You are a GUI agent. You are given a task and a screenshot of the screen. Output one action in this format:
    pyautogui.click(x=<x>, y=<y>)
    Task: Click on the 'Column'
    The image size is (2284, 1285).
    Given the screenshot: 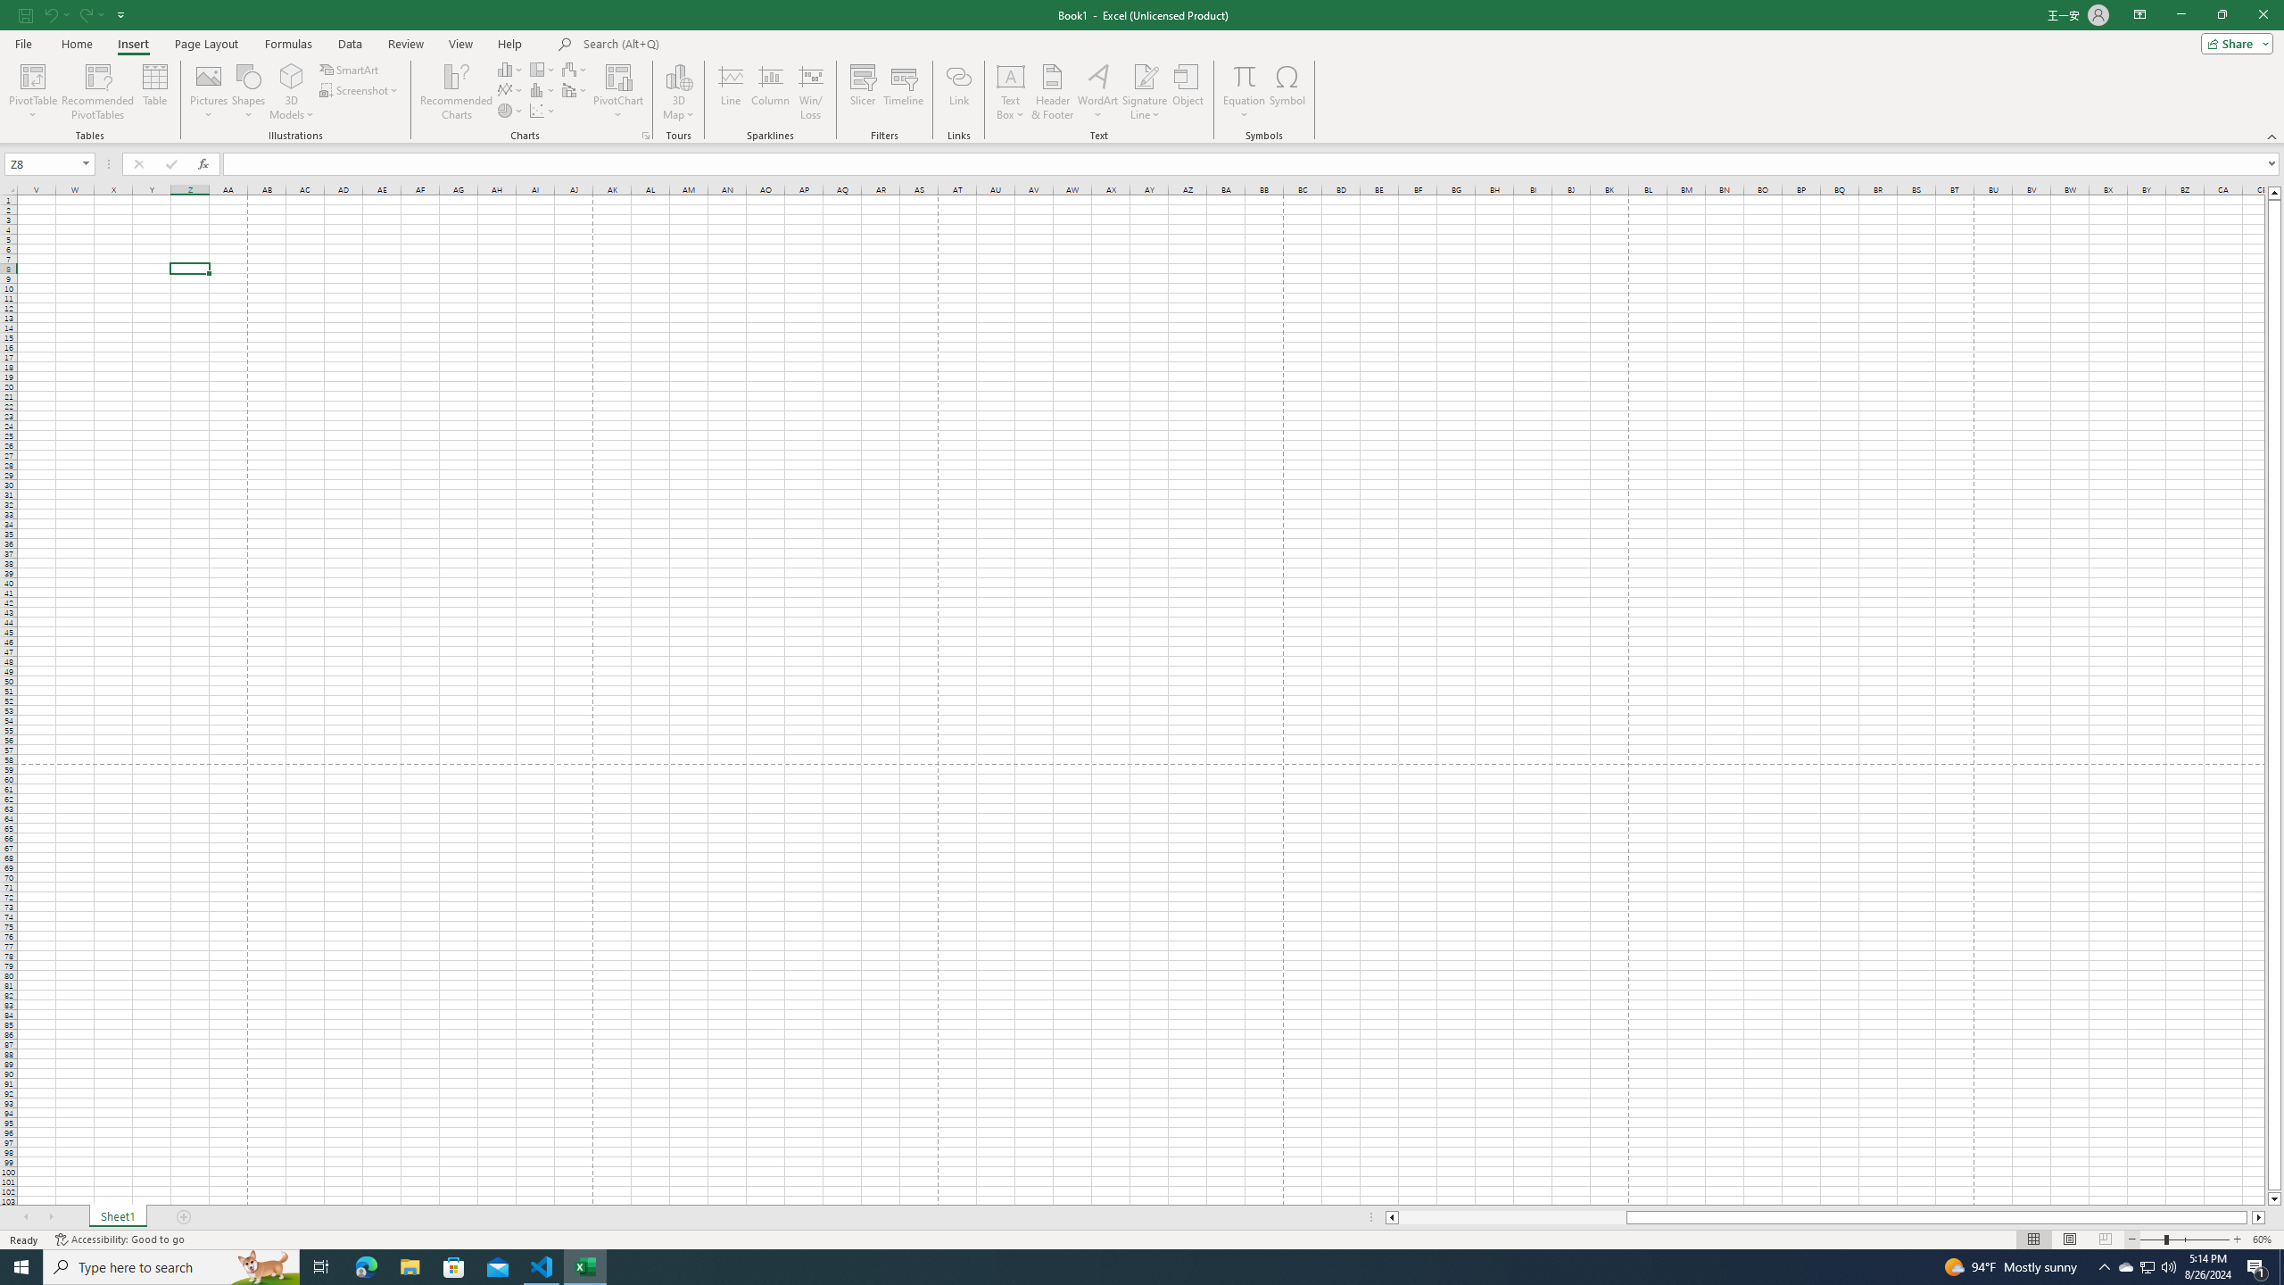 What is the action you would take?
    pyautogui.click(x=771, y=92)
    